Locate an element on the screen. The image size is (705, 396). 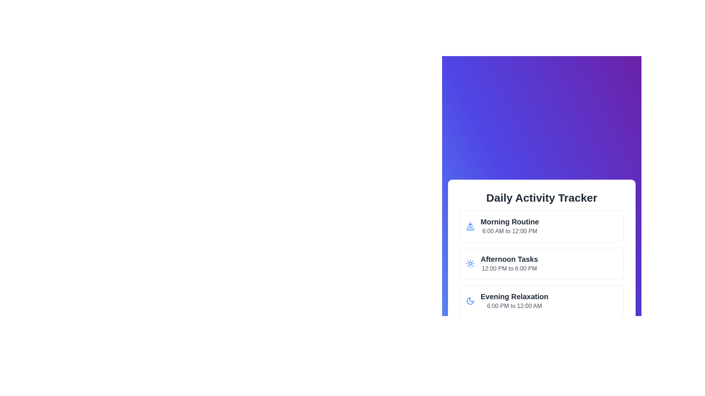
the bold, center-aligned text label that says 'Daily Activity Tracker', which is positioned at the top of its card layout is located at coordinates (542, 198).